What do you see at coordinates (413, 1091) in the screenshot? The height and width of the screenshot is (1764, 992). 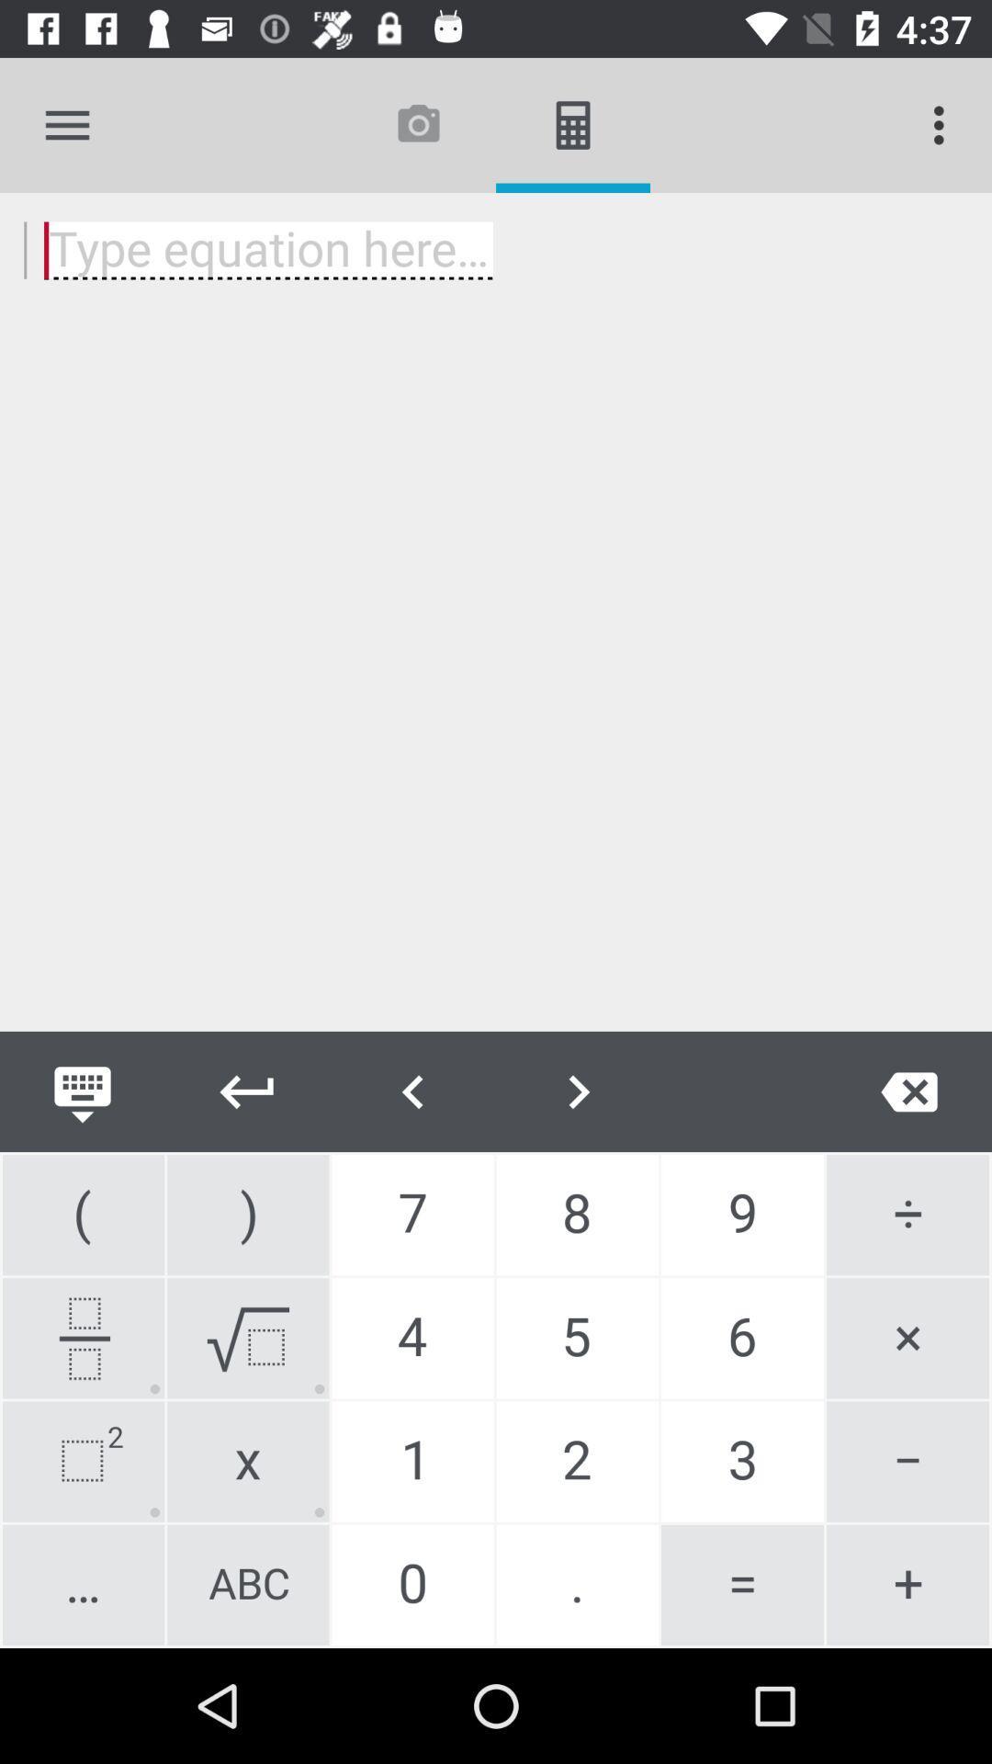 I see `the arrow_backward icon` at bounding box center [413, 1091].